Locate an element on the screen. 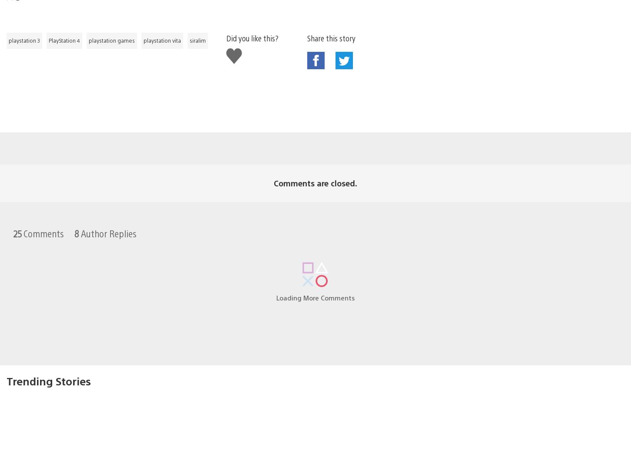 The image size is (631, 452). 'playstation games' is located at coordinates (111, 26).